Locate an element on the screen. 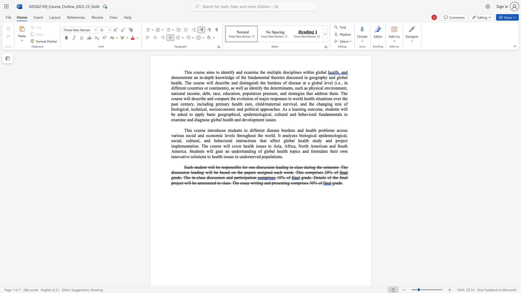 This screenshot has height=293, width=521. the 4th character "t" in the text is located at coordinates (312, 93).